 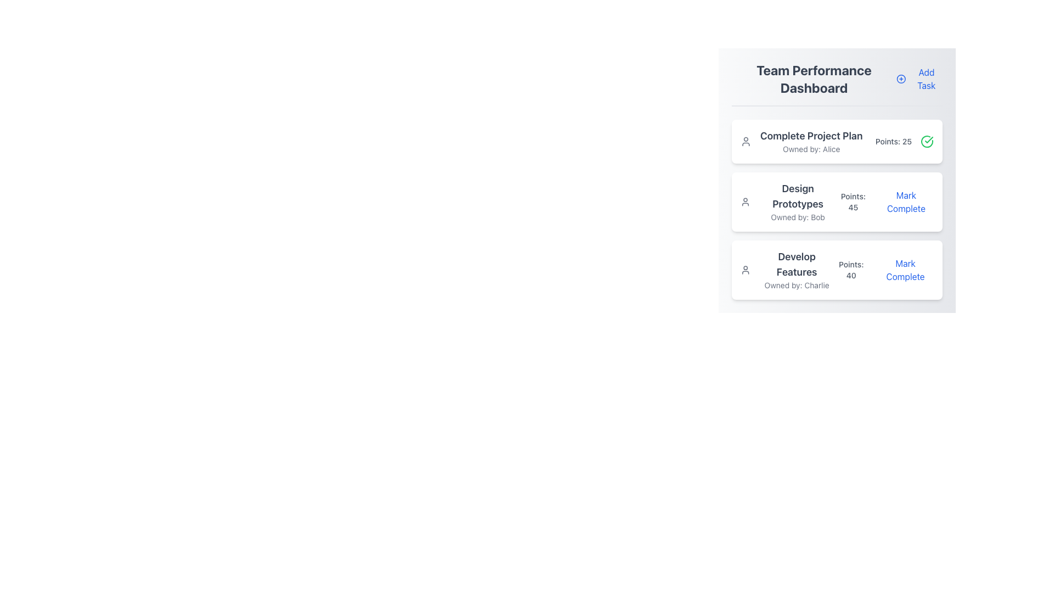 What do you see at coordinates (798, 202) in the screenshot?
I see `the task titled 'Design Prototypes' owned by Bob in the second card of the vertical list on the 'Team Performance Dashboard'` at bounding box center [798, 202].